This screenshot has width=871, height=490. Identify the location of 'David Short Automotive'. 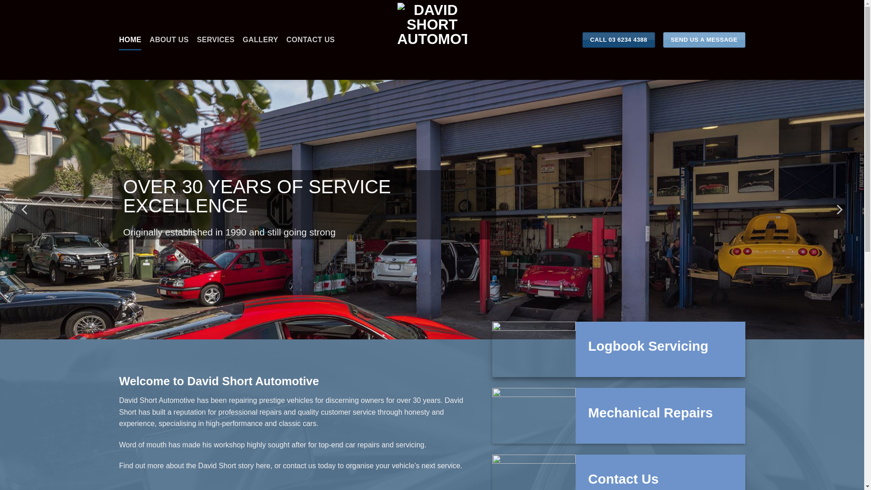
(432, 39).